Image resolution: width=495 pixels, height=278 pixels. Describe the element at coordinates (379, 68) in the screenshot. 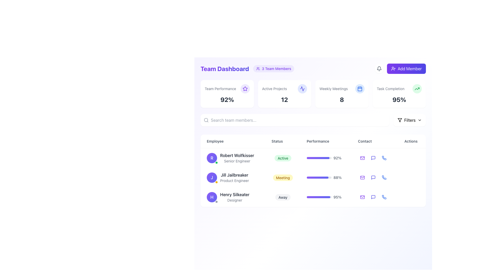

I see `the notification icon button located in the top-right corner of the page, just before the purple 'Add Member' button` at that location.